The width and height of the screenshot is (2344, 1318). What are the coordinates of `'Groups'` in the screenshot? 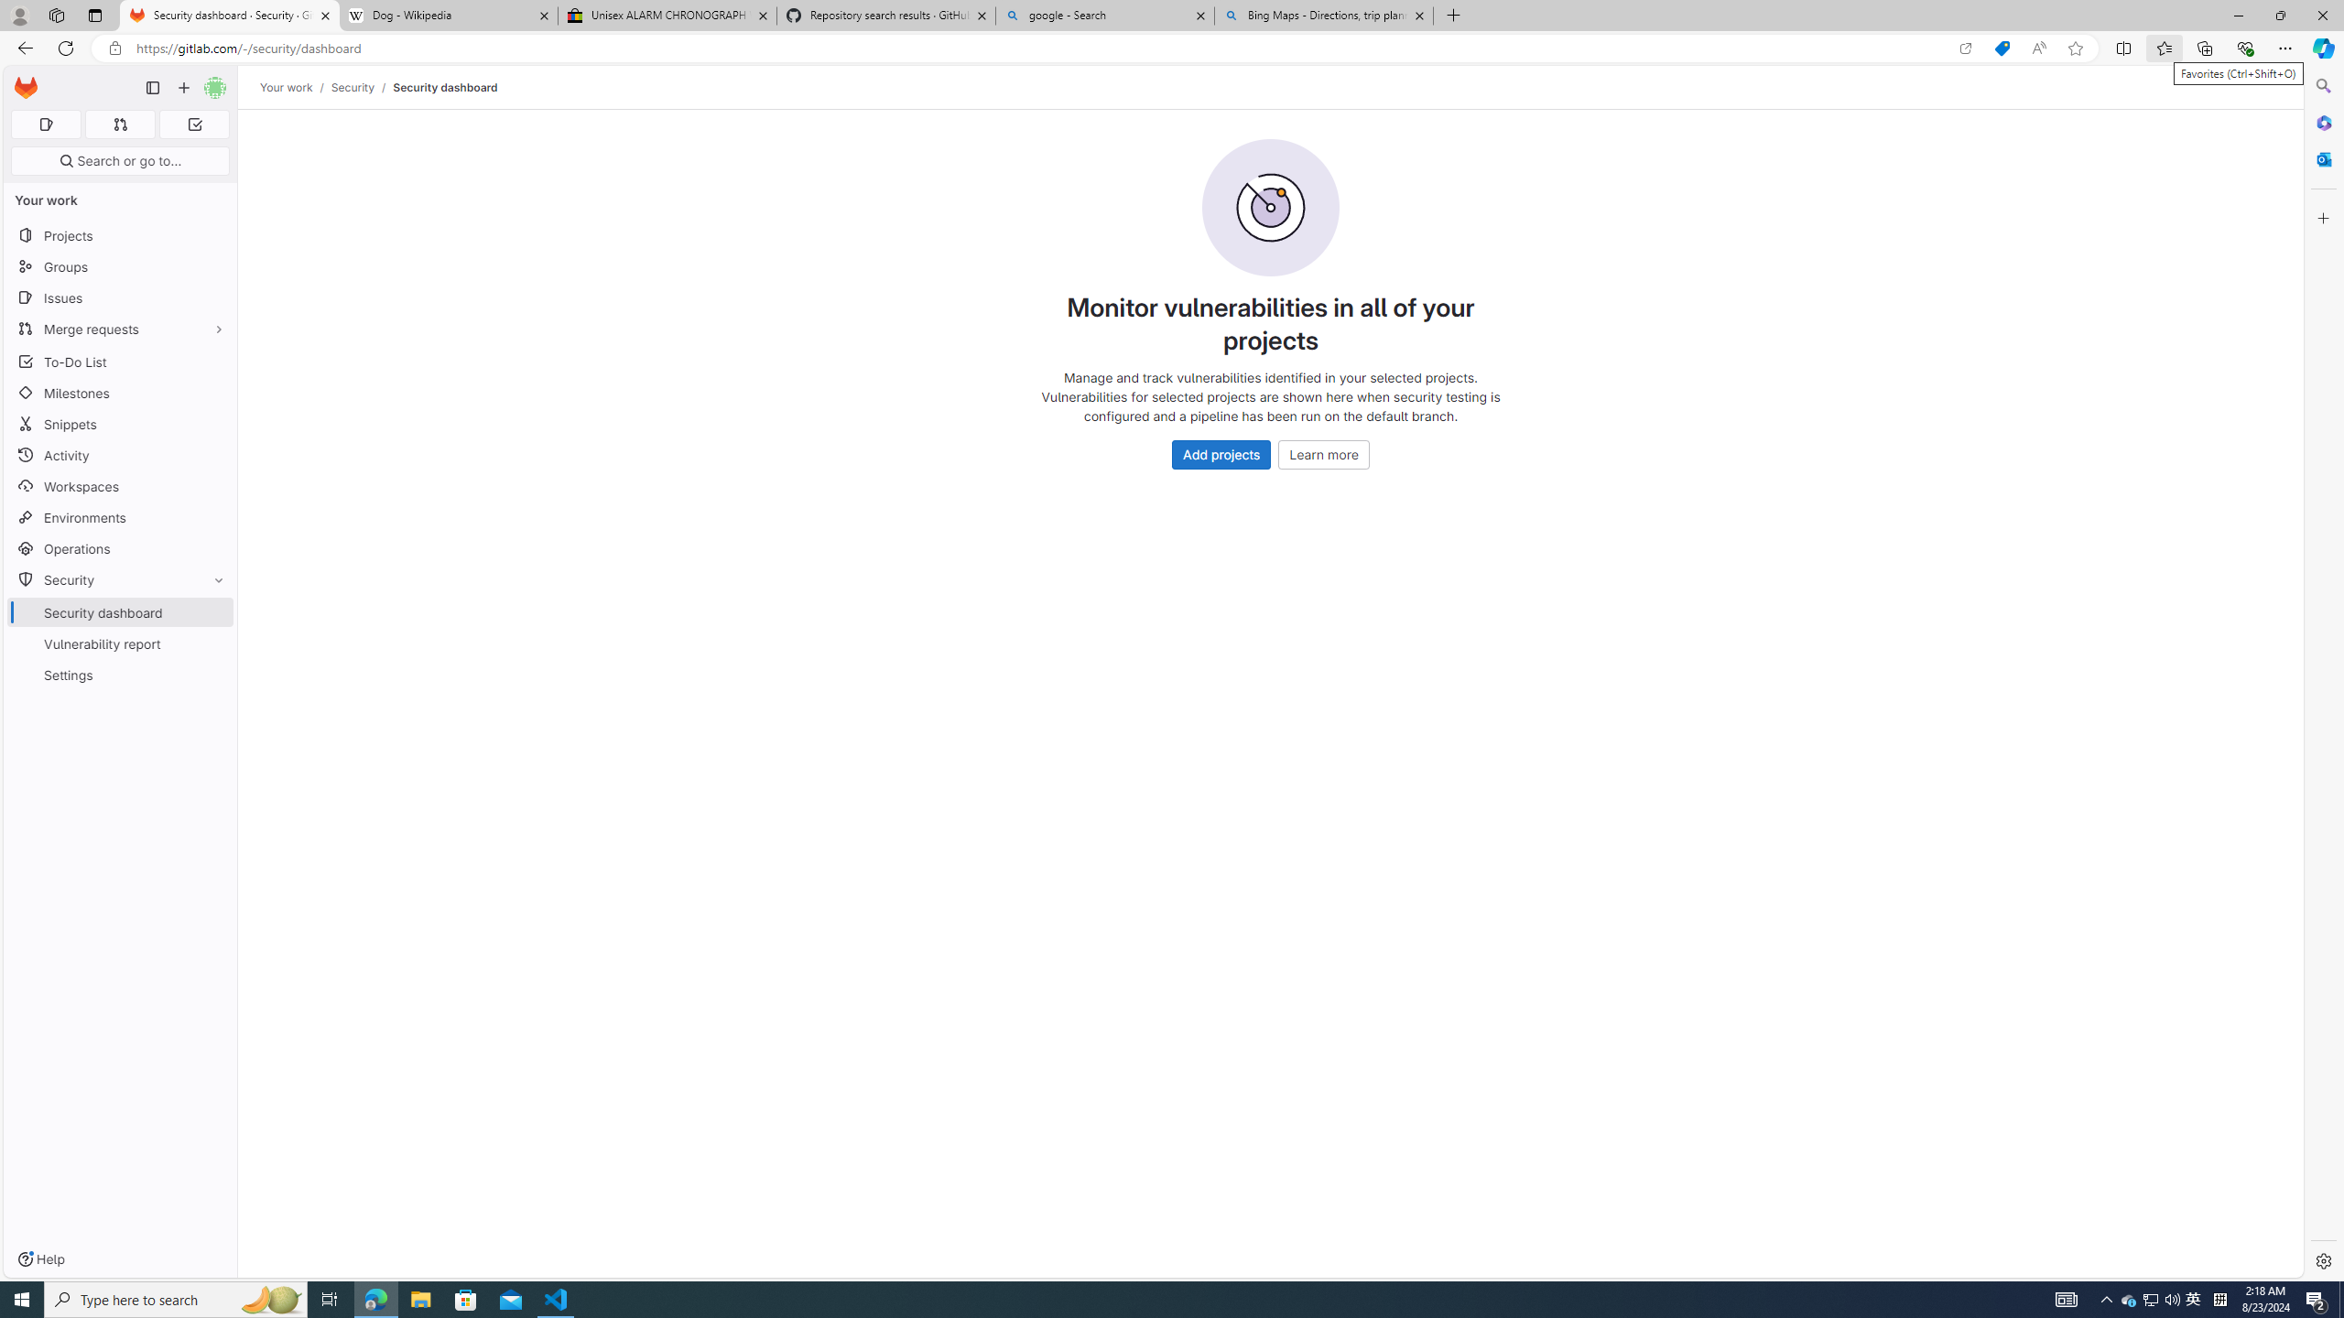 It's located at (119, 266).